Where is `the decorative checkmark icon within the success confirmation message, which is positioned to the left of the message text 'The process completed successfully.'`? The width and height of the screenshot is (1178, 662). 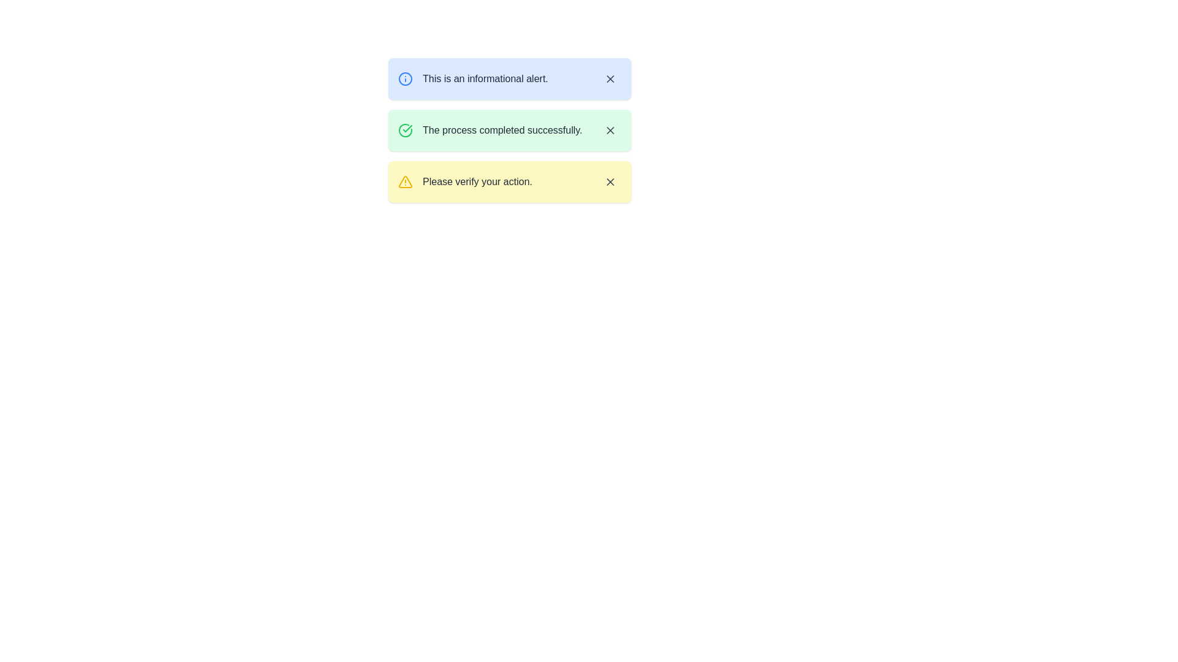 the decorative checkmark icon within the success confirmation message, which is positioned to the left of the message text 'The process completed successfully.' is located at coordinates (407, 128).